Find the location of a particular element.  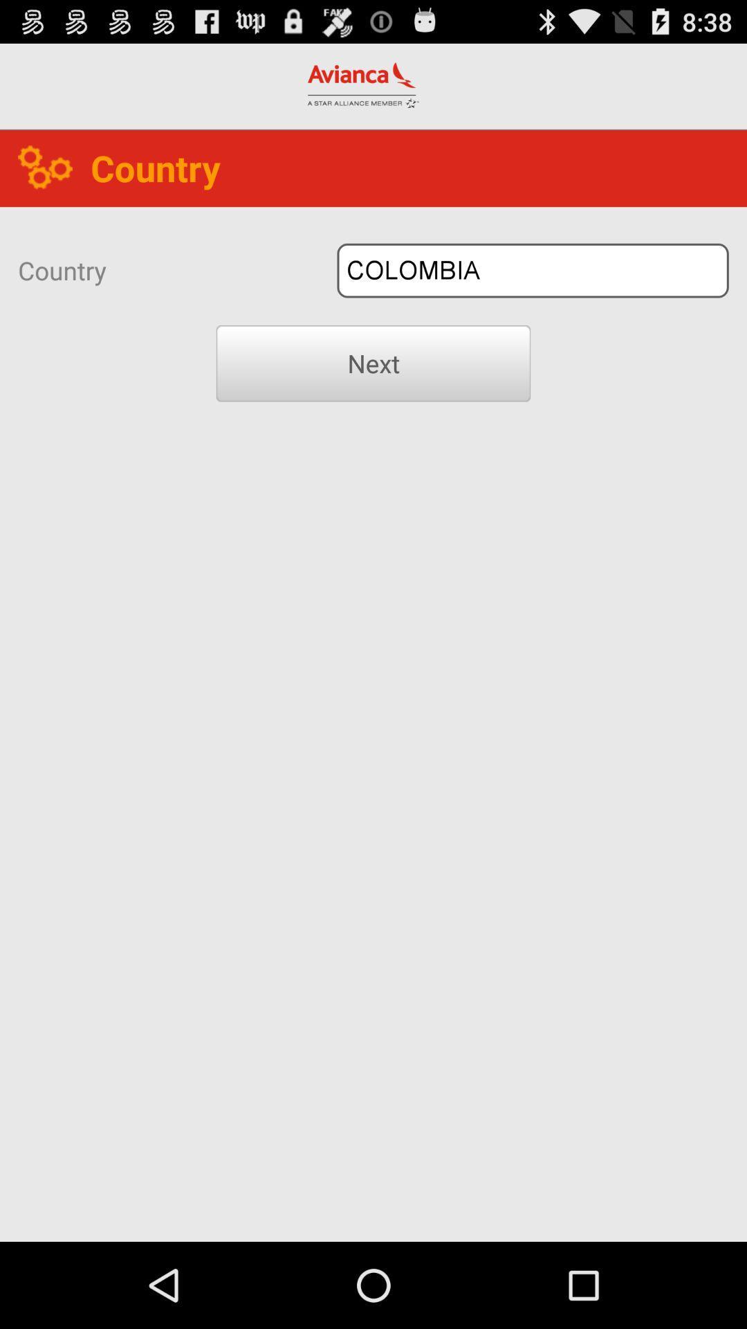

icon to the right of country icon is located at coordinates (532, 271).